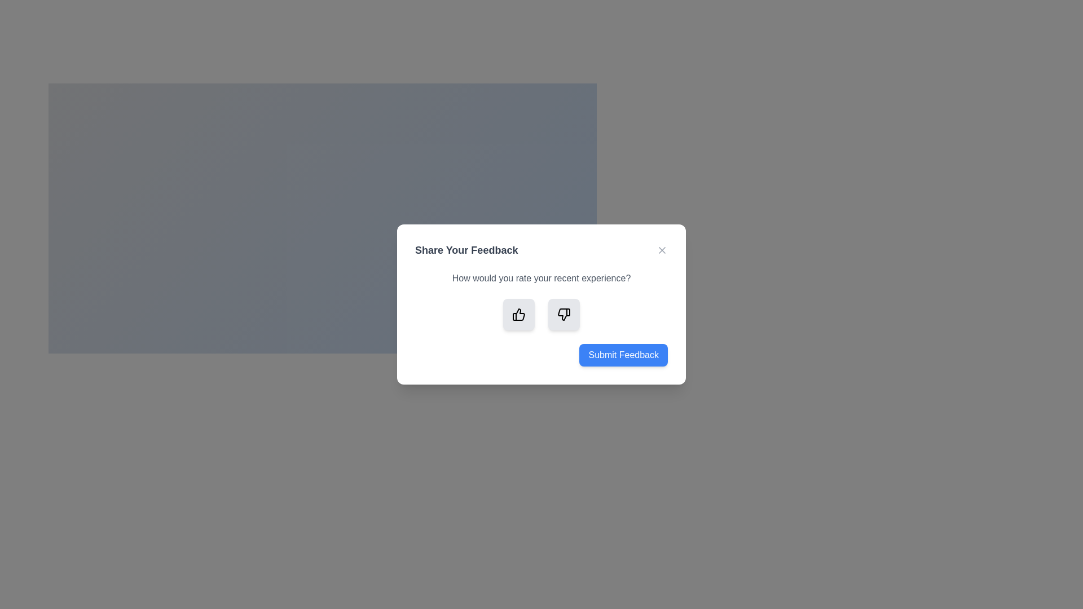 The height and width of the screenshot is (609, 1083). What do you see at coordinates (563, 315) in the screenshot?
I see `the 'Dislike' icon button to register negative feedback, which is the second icon to the right of the thumbs-up icon in the feedback modal` at bounding box center [563, 315].